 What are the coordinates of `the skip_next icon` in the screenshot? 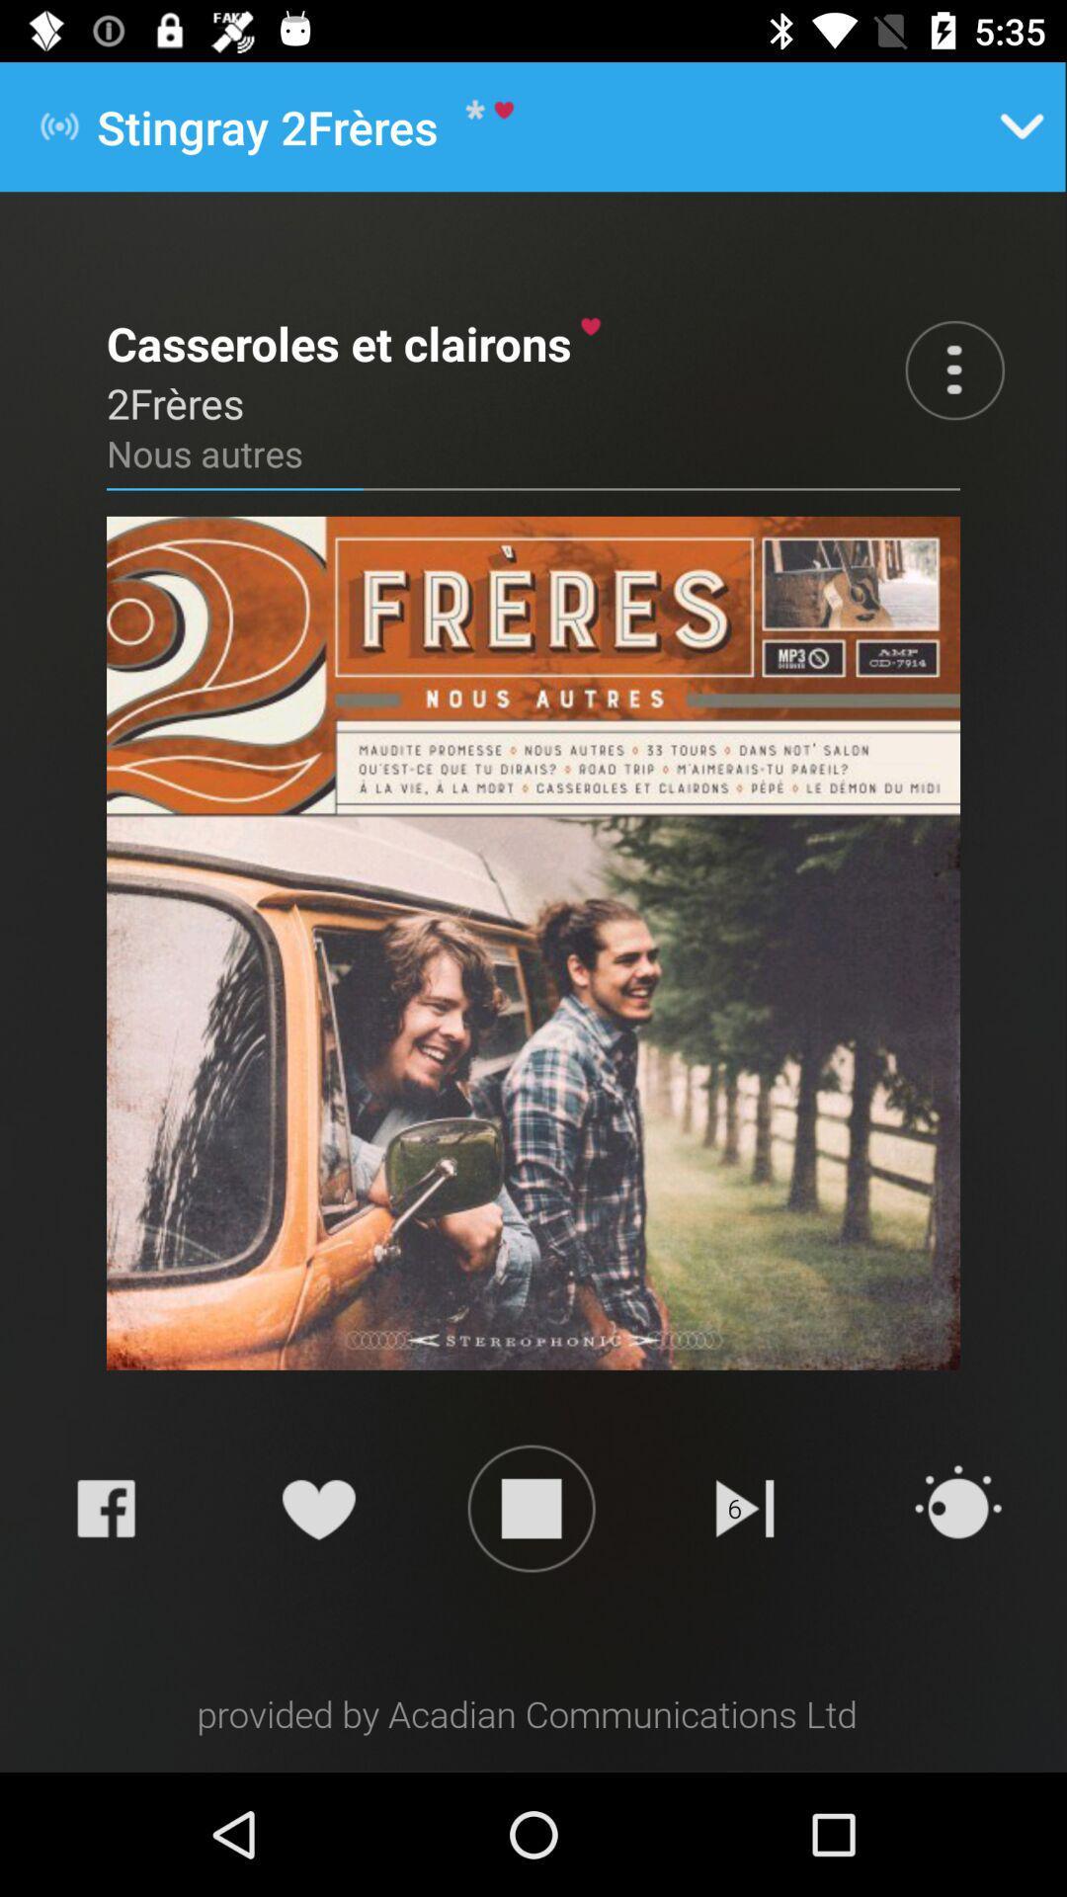 It's located at (745, 1507).